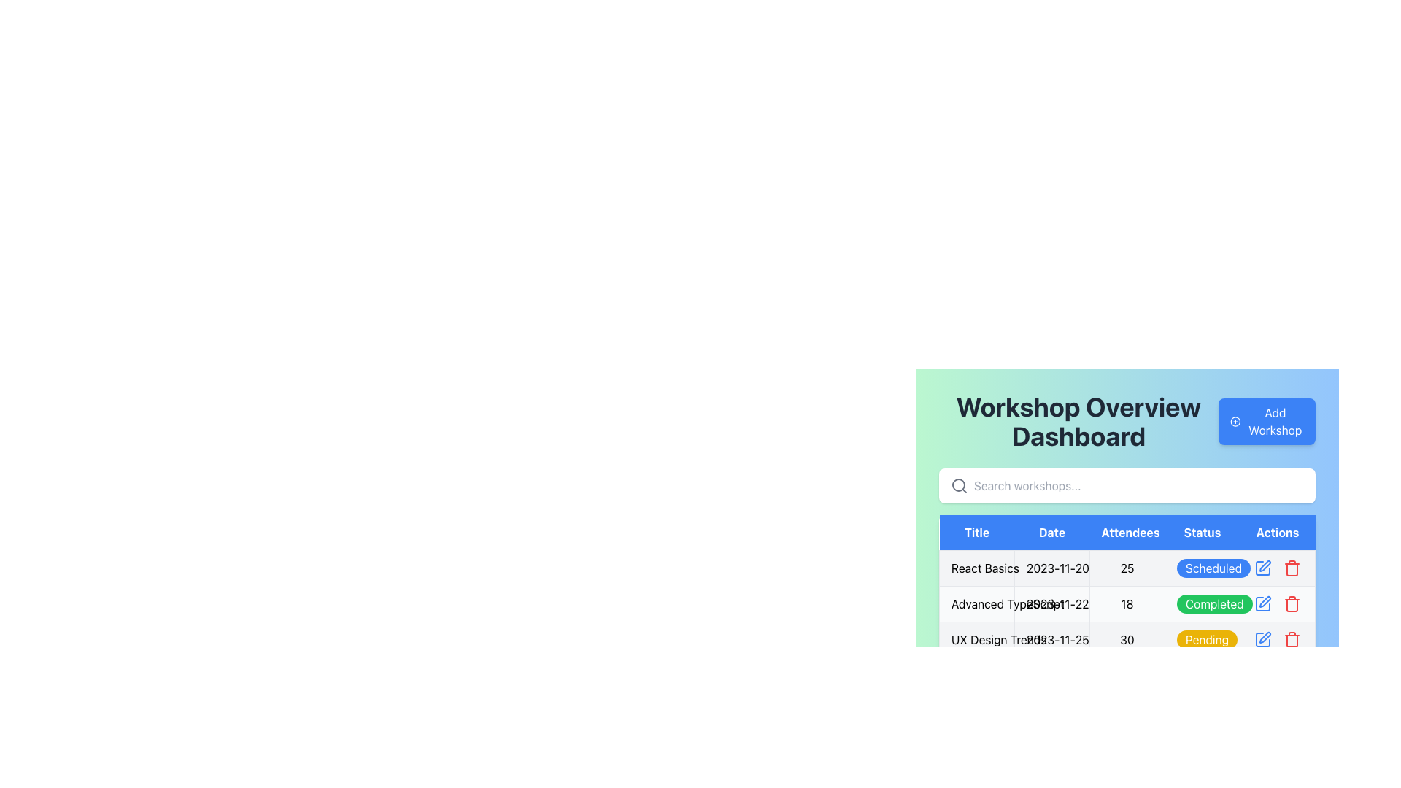 The image size is (1401, 788). Describe the element at coordinates (1264, 602) in the screenshot. I see `the edit icon button located in the 'Actions' column of the second row in the table` at that location.